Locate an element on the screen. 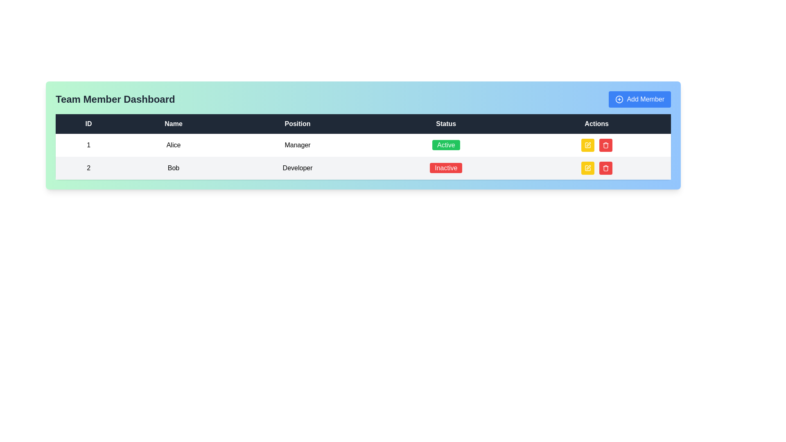 The height and width of the screenshot is (442, 786). the static text displaying the unique identifier for the team member 'Alice' in the first data row of the table, located in the 'ID' column to the left of 'Alice' is located at coordinates (88, 144).